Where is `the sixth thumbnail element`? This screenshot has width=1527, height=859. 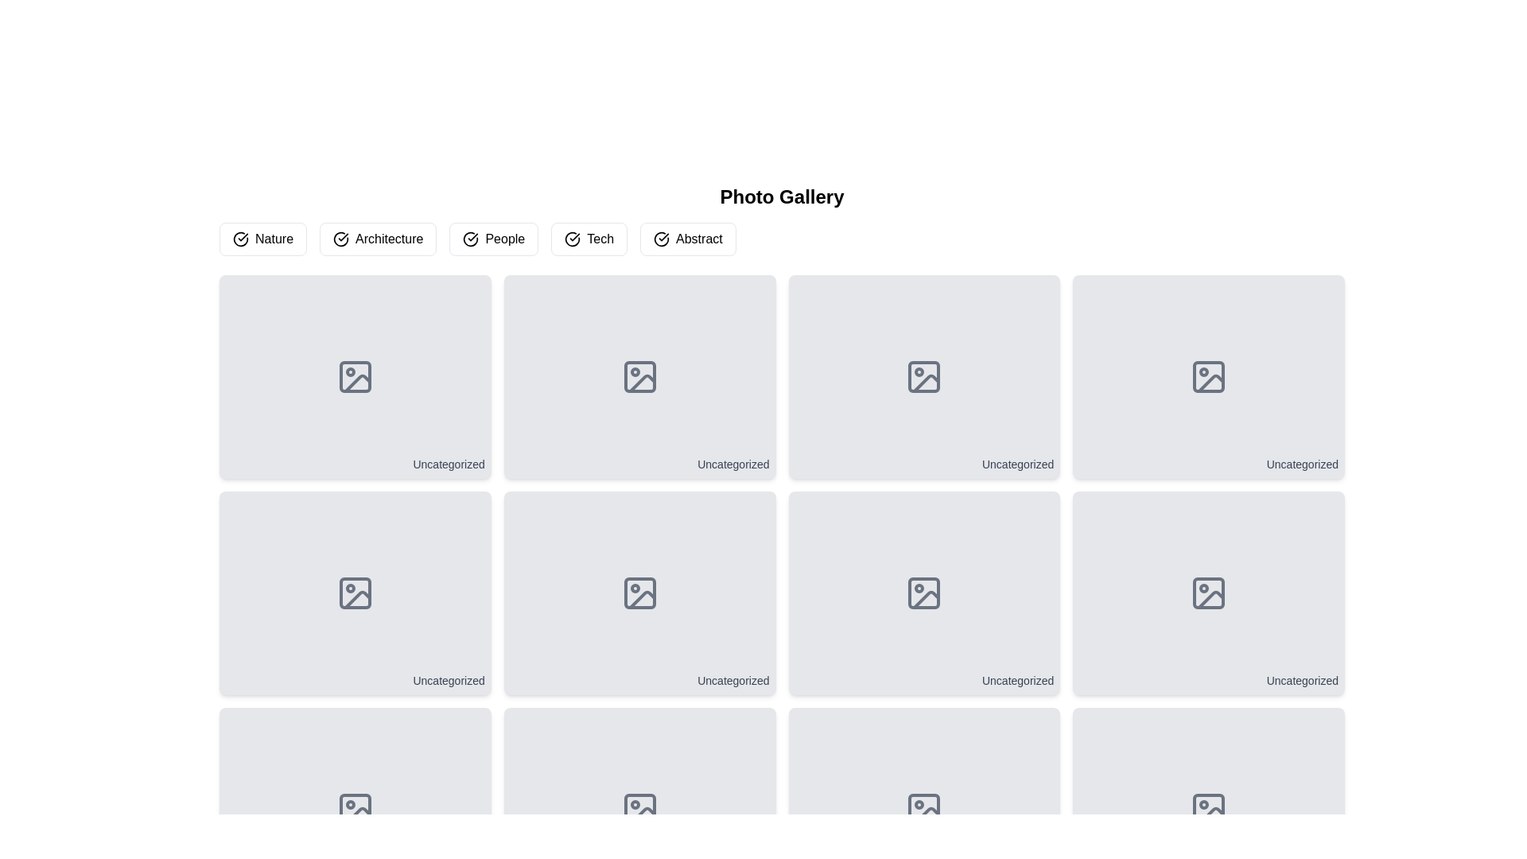 the sixth thumbnail element is located at coordinates (924, 593).